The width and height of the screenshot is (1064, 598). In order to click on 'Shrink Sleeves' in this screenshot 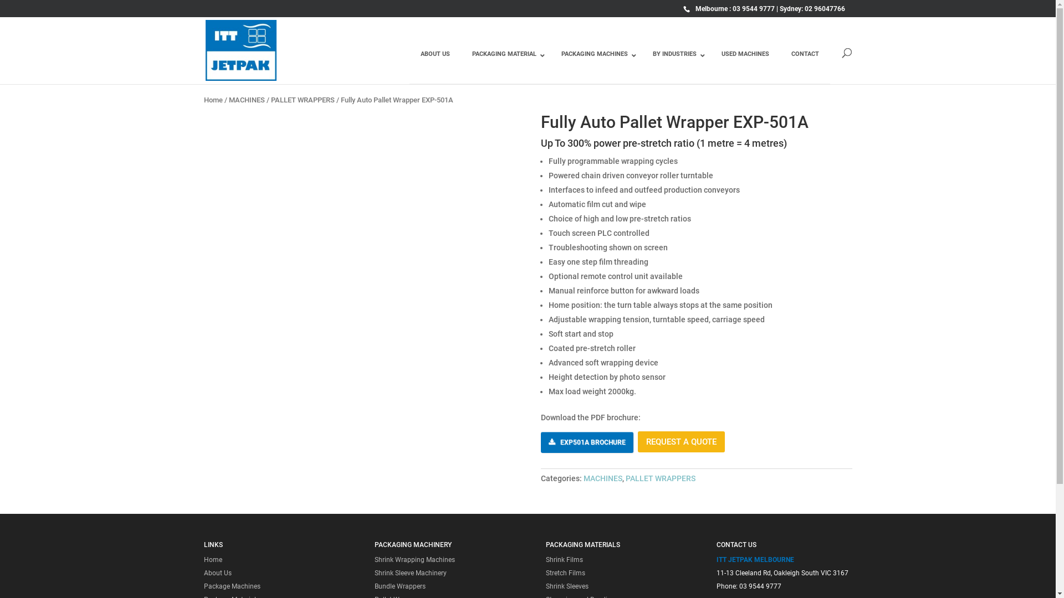, I will do `click(567, 586)`.